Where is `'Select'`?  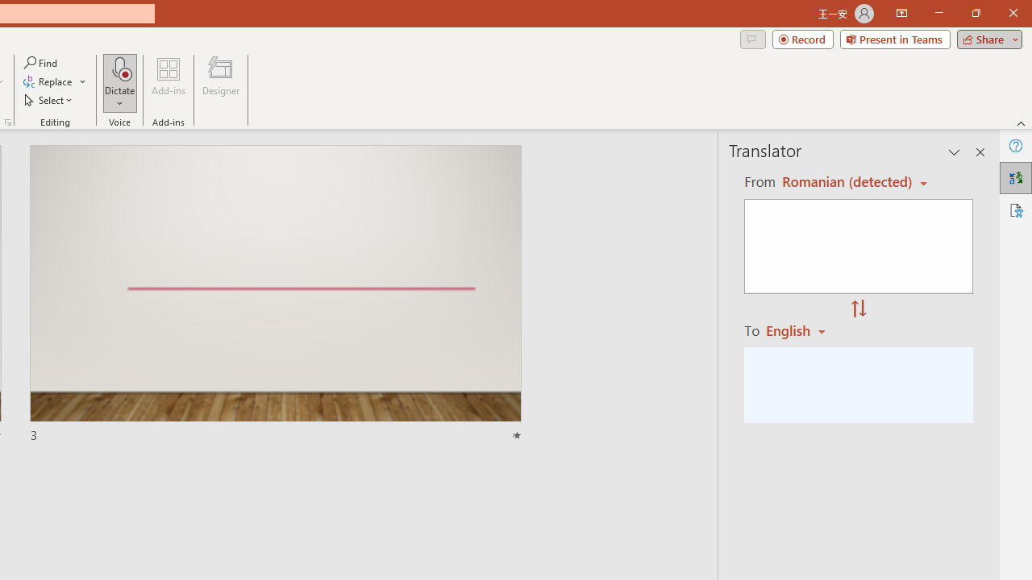
'Select' is located at coordinates (49, 100).